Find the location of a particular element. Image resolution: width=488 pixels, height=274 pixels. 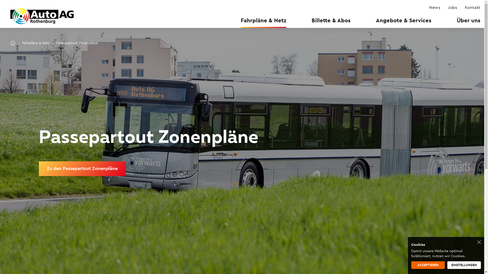

'Close' is located at coordinates (479, 242).